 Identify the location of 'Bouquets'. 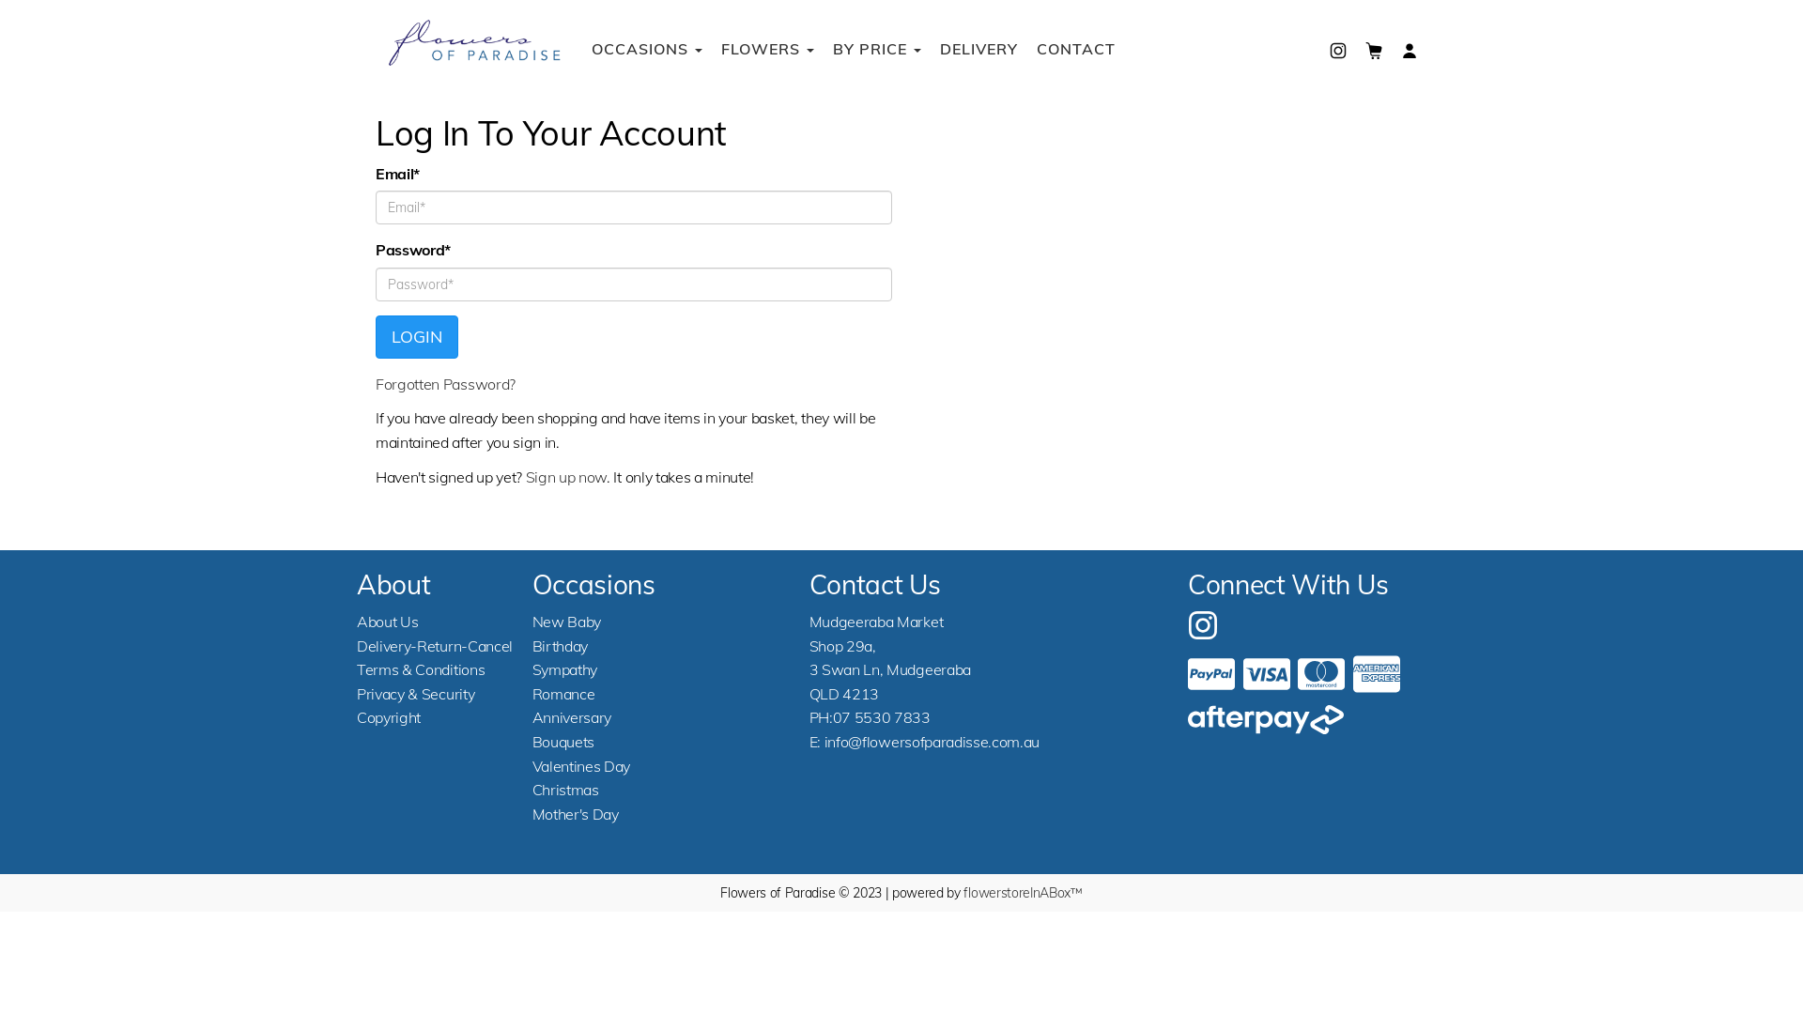
(562, 741).